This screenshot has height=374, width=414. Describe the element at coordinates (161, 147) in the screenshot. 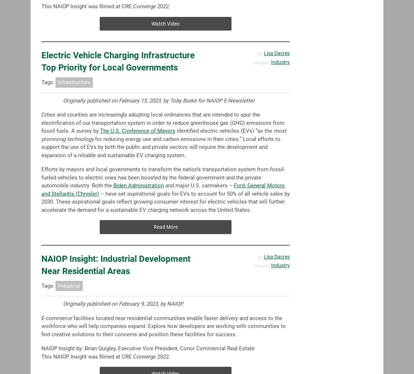

I see `'for reducing energy use and carbon emissions in their cities.” Local efforts to support the use of EVs by both the public and private sectors will require the development and expansion of a reliable and sustainable EV charging system.'` at that location.